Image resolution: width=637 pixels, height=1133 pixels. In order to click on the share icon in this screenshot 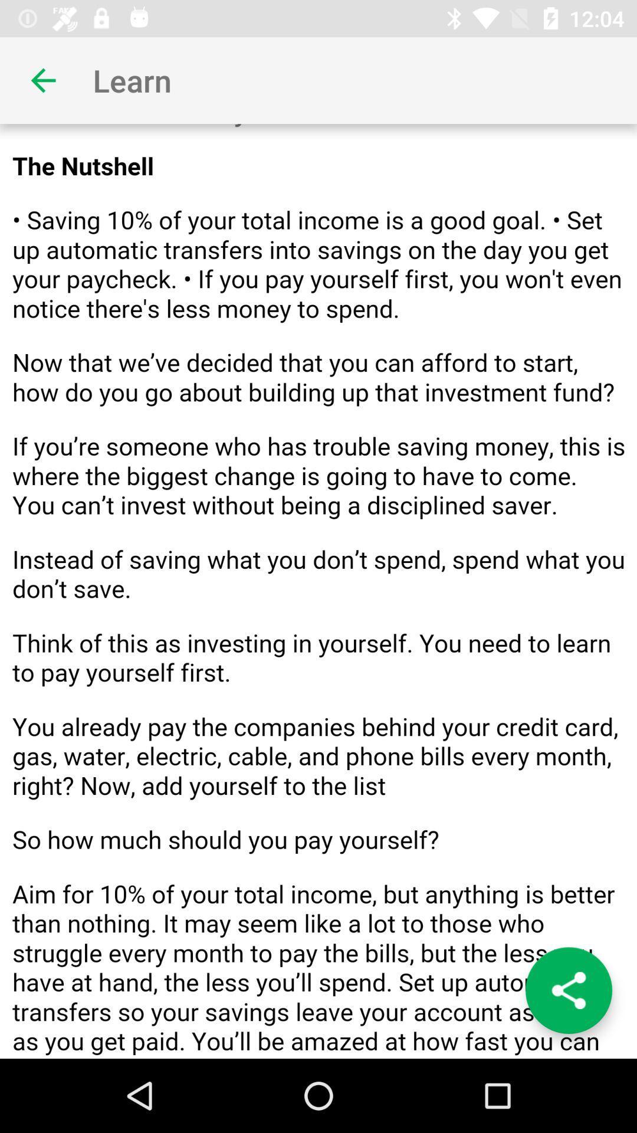, I will do `click(568, 990)`.